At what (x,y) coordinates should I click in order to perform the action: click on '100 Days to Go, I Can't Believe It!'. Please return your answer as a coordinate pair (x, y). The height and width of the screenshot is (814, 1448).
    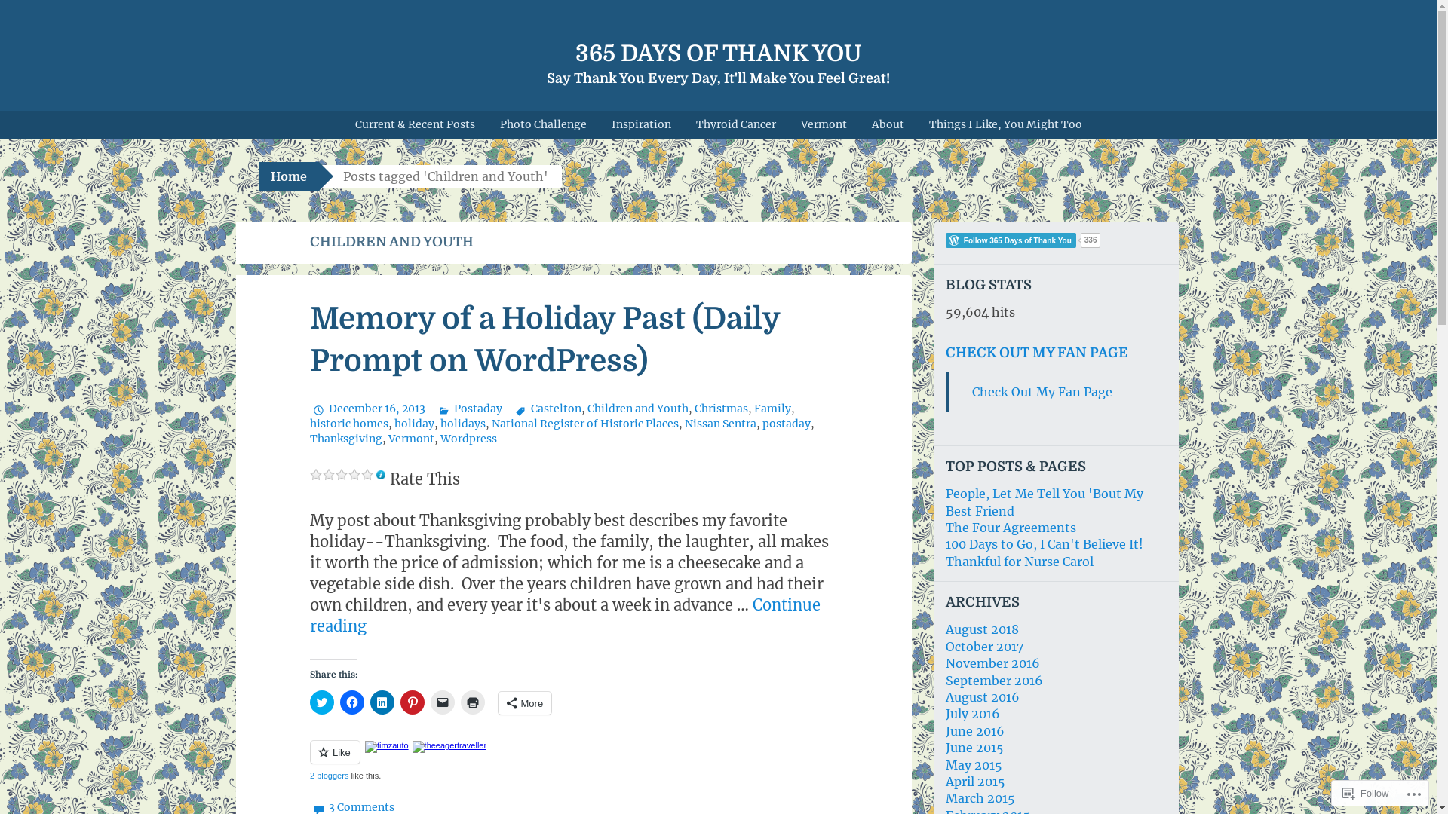
    Looking at the image, I should click on (1044, 543).